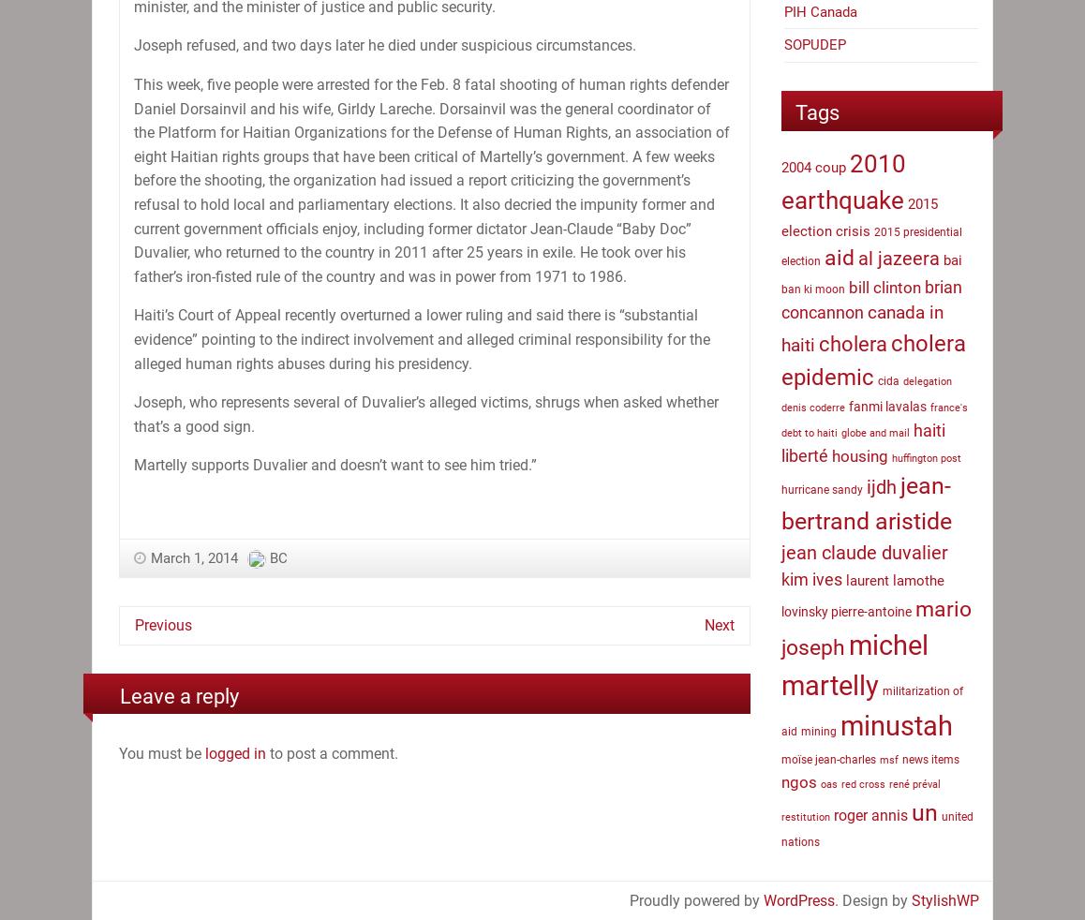  What do you see at coordinates (780, 610) in the screenshot?
I see `'lovinsky pierre-antoine'` at bounding box center [780, 610].